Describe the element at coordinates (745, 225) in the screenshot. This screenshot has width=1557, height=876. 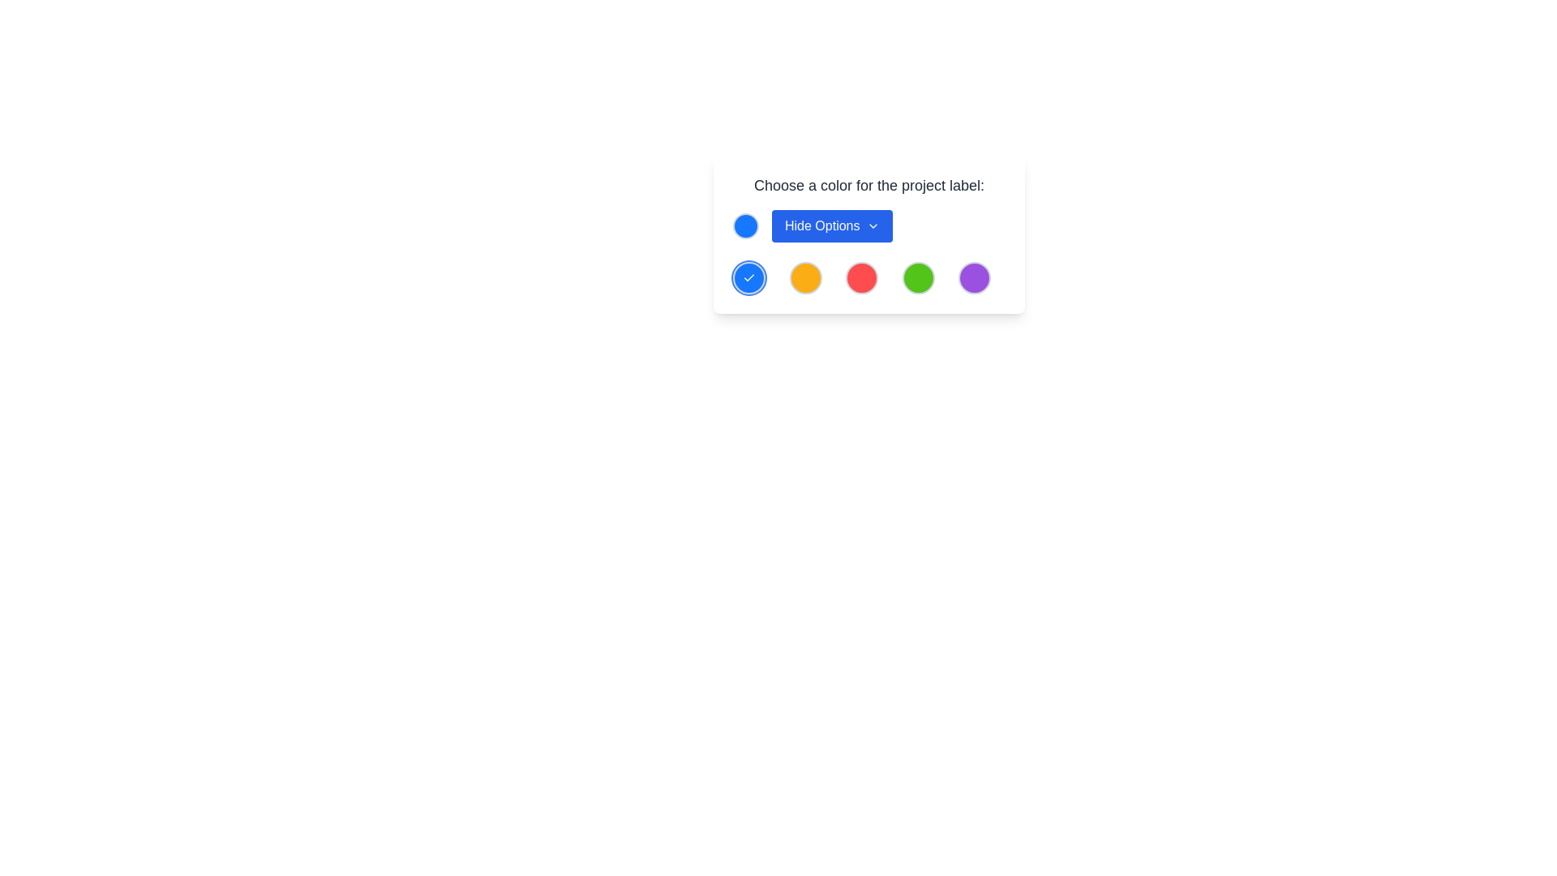
I see `the blue circular indicator with a light gray border, which is part of a color selection interface, located to the left of the 'Hide Options' button` at that location.